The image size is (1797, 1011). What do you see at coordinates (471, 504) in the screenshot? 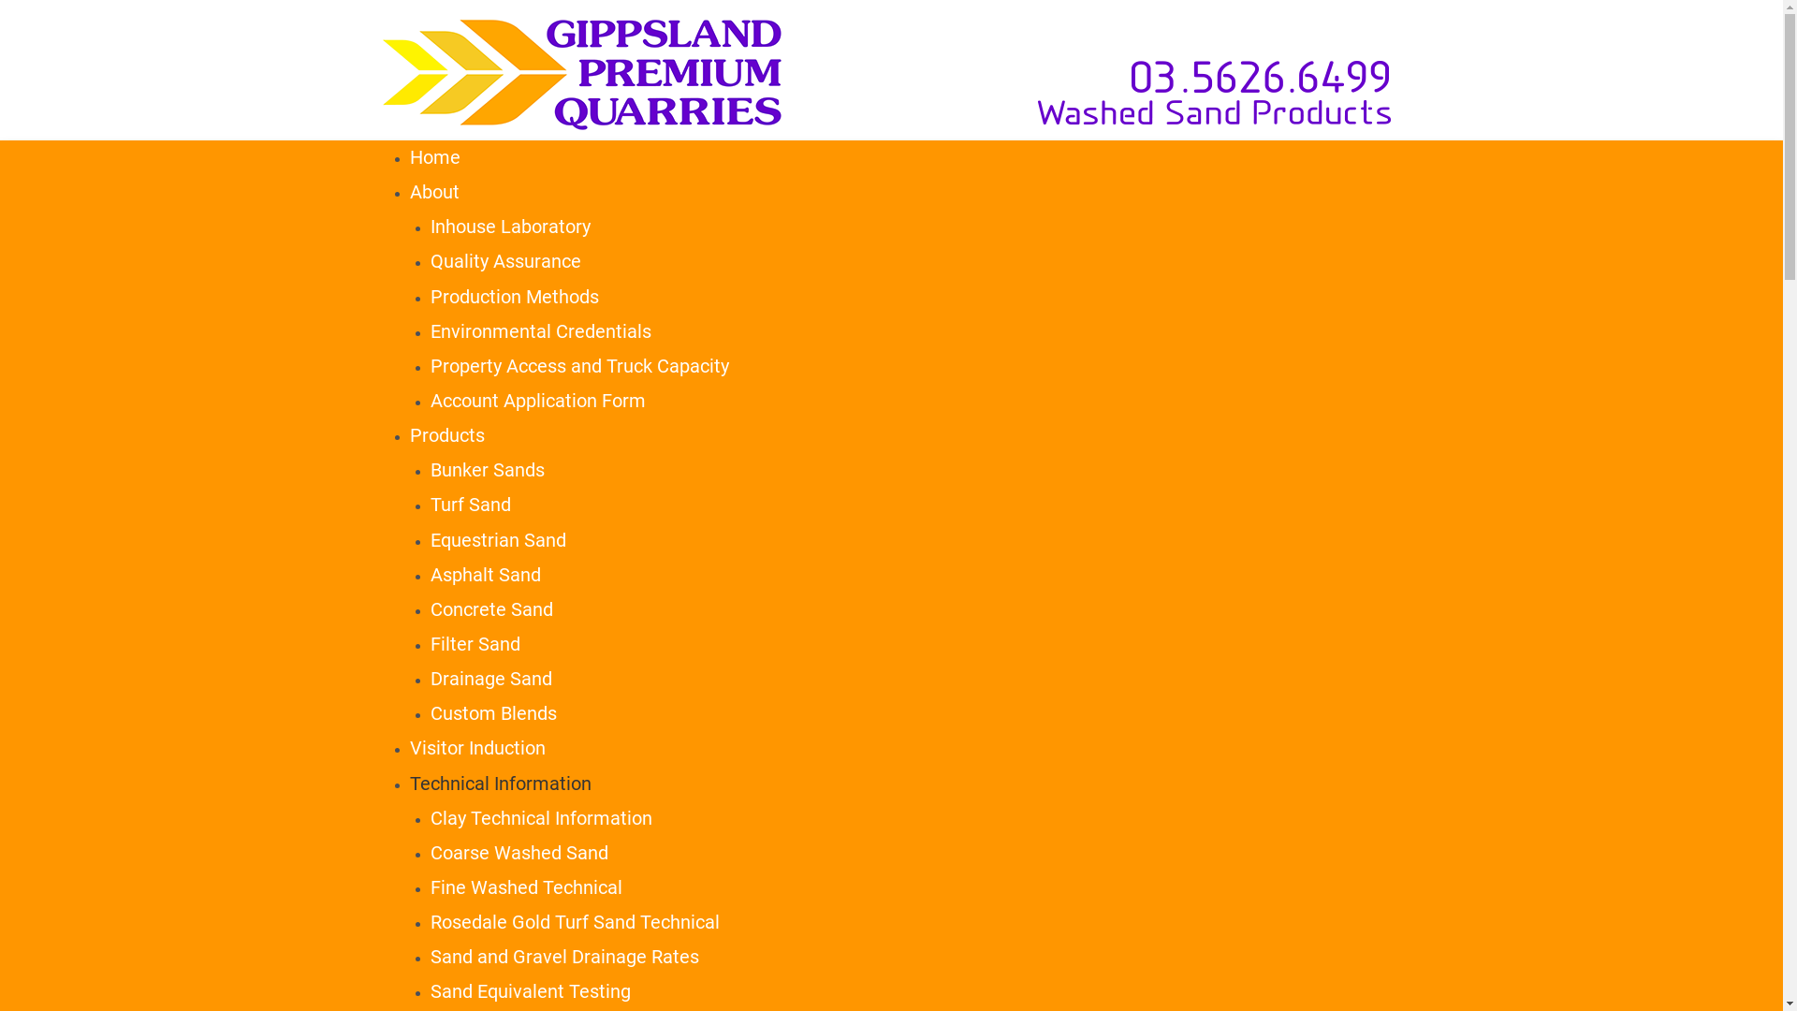
I see `'Turf Sand'` at bounding box center [471, 504].